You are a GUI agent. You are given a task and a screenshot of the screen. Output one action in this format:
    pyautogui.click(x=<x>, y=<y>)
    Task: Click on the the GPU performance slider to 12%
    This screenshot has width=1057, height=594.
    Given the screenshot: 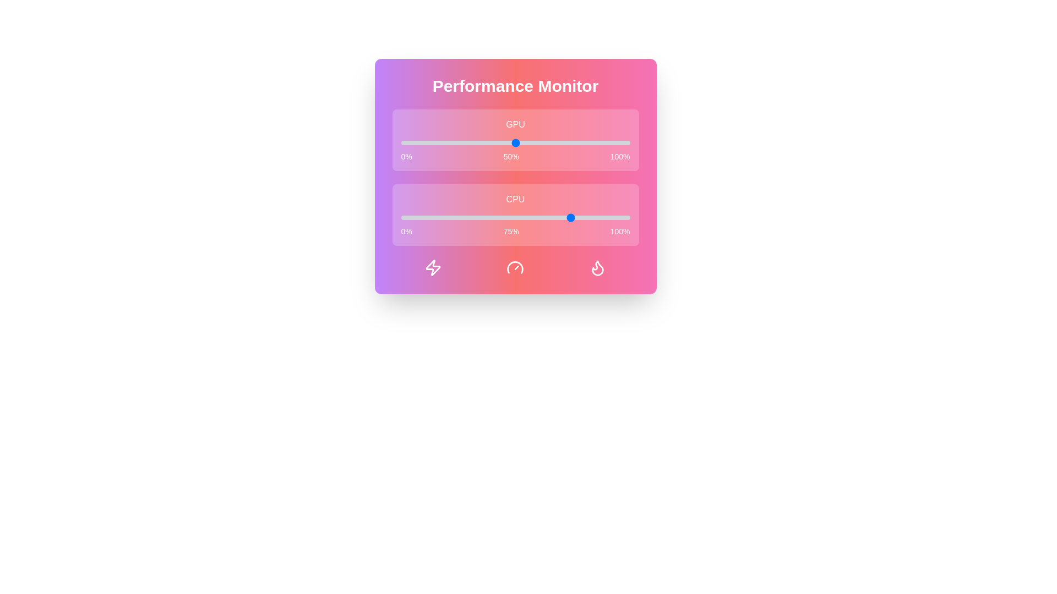 What is the action you would take?
    pyautogui.click(x=428, y=142)
    